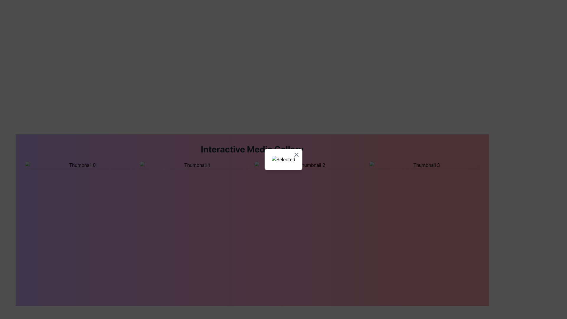 Image resolution: width=567 pixels, height=319 pixels. What do you see at coordinates (252, 165) in the screenshot?
I see `a thumbnail in the Grid layout component beneath the 'Interactive Media Gallery' heading for reordering` at bounding box center [252, 165].